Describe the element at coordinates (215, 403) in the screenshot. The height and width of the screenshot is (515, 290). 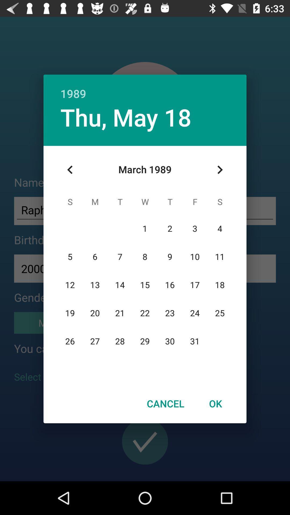
I see `the ok at the bottom right corner` at that location.